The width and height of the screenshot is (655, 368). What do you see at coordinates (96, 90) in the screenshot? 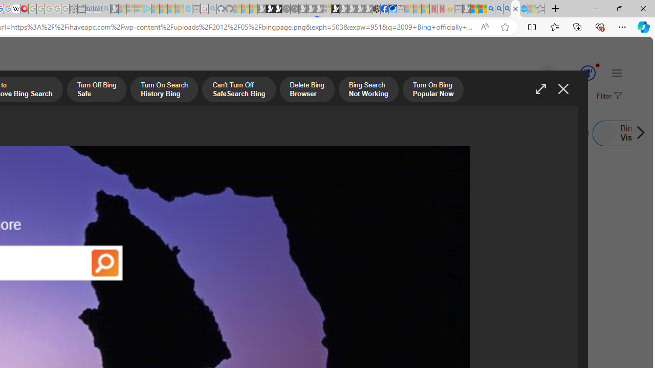
I see `'Turn Off Bing Safe'` at bounding box center [96, 90].